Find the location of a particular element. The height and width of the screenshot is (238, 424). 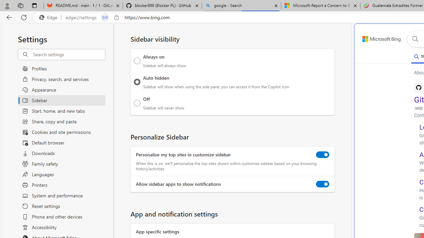

'Edge' is located at coordinates (49, 17).